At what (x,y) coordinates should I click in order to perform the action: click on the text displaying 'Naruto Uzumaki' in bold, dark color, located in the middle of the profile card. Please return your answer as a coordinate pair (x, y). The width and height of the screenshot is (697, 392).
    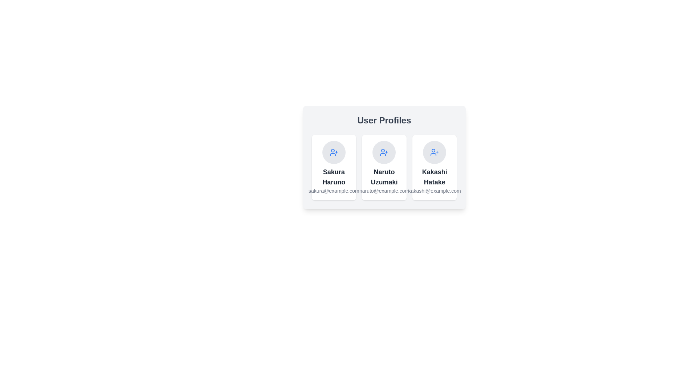
    Looking at the image, I should click on (384, 177).